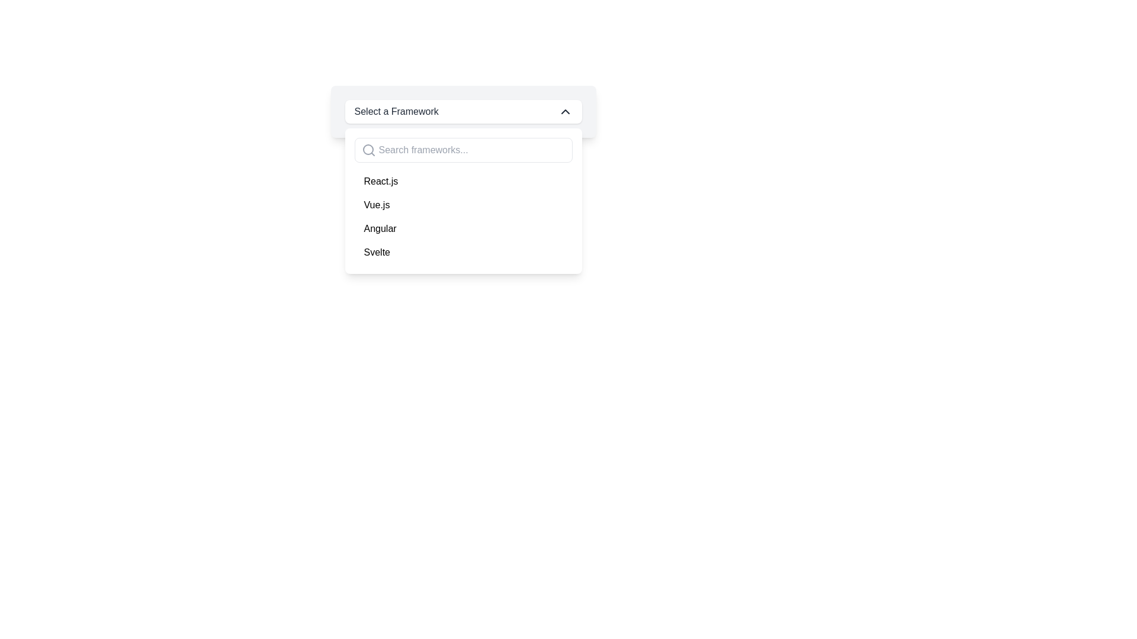  I want to click on the second entry in the dropdown menu for selecting frameworks, which changes the selected framework to 'Vue.js', so click(376, 205).